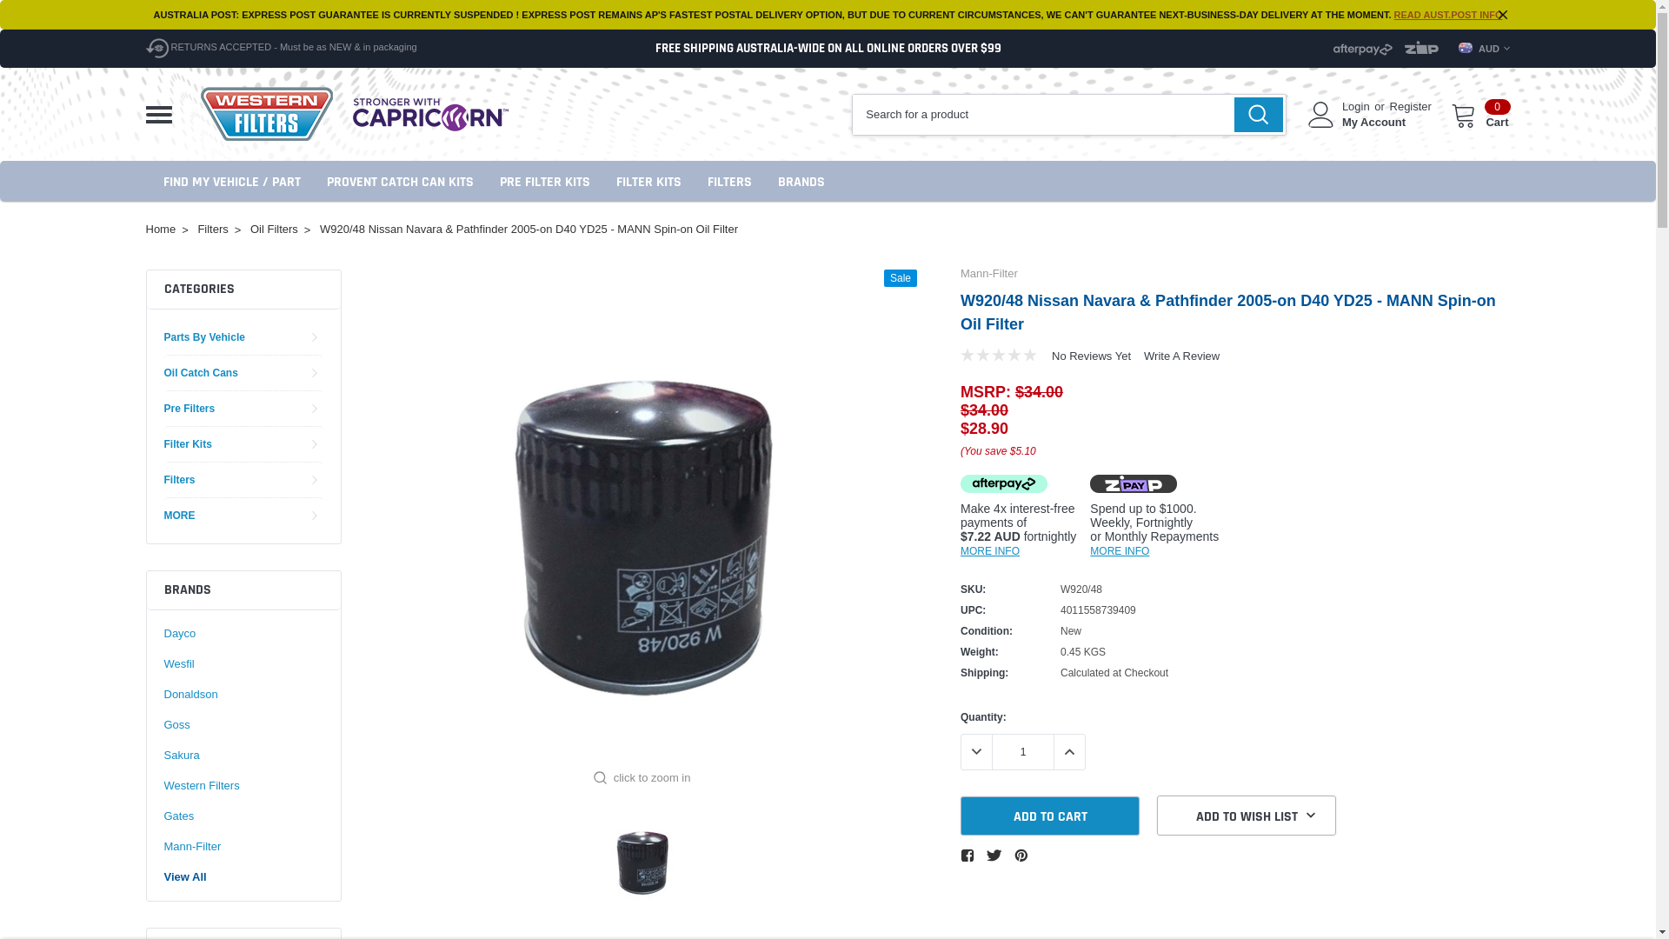 Image resolution: width=1669 pixels, height=939 pixels. What do you see at coordinates (1181, 355) in the screenshot?
I see `'Write A Review'` at bounding box center [1181, 355].